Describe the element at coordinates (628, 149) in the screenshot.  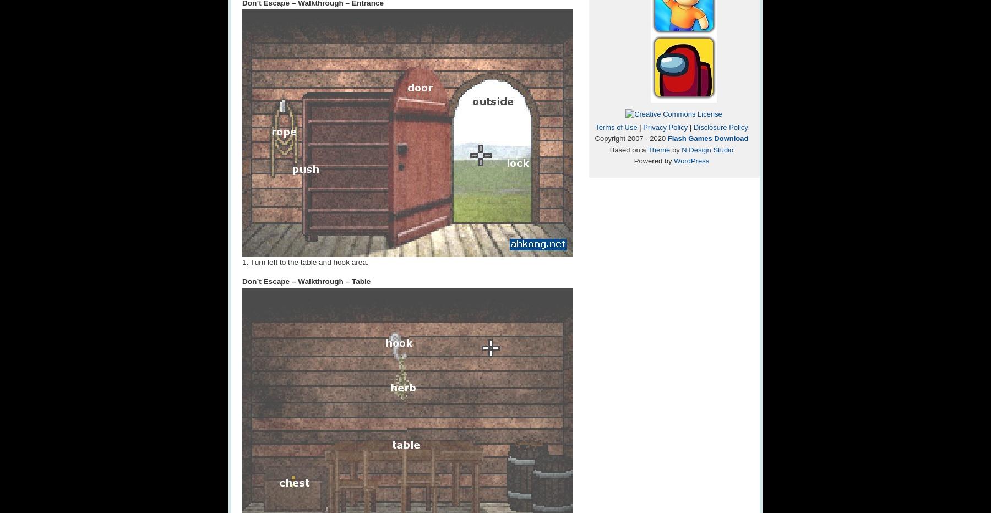
I see `'Based on a'` at that location.